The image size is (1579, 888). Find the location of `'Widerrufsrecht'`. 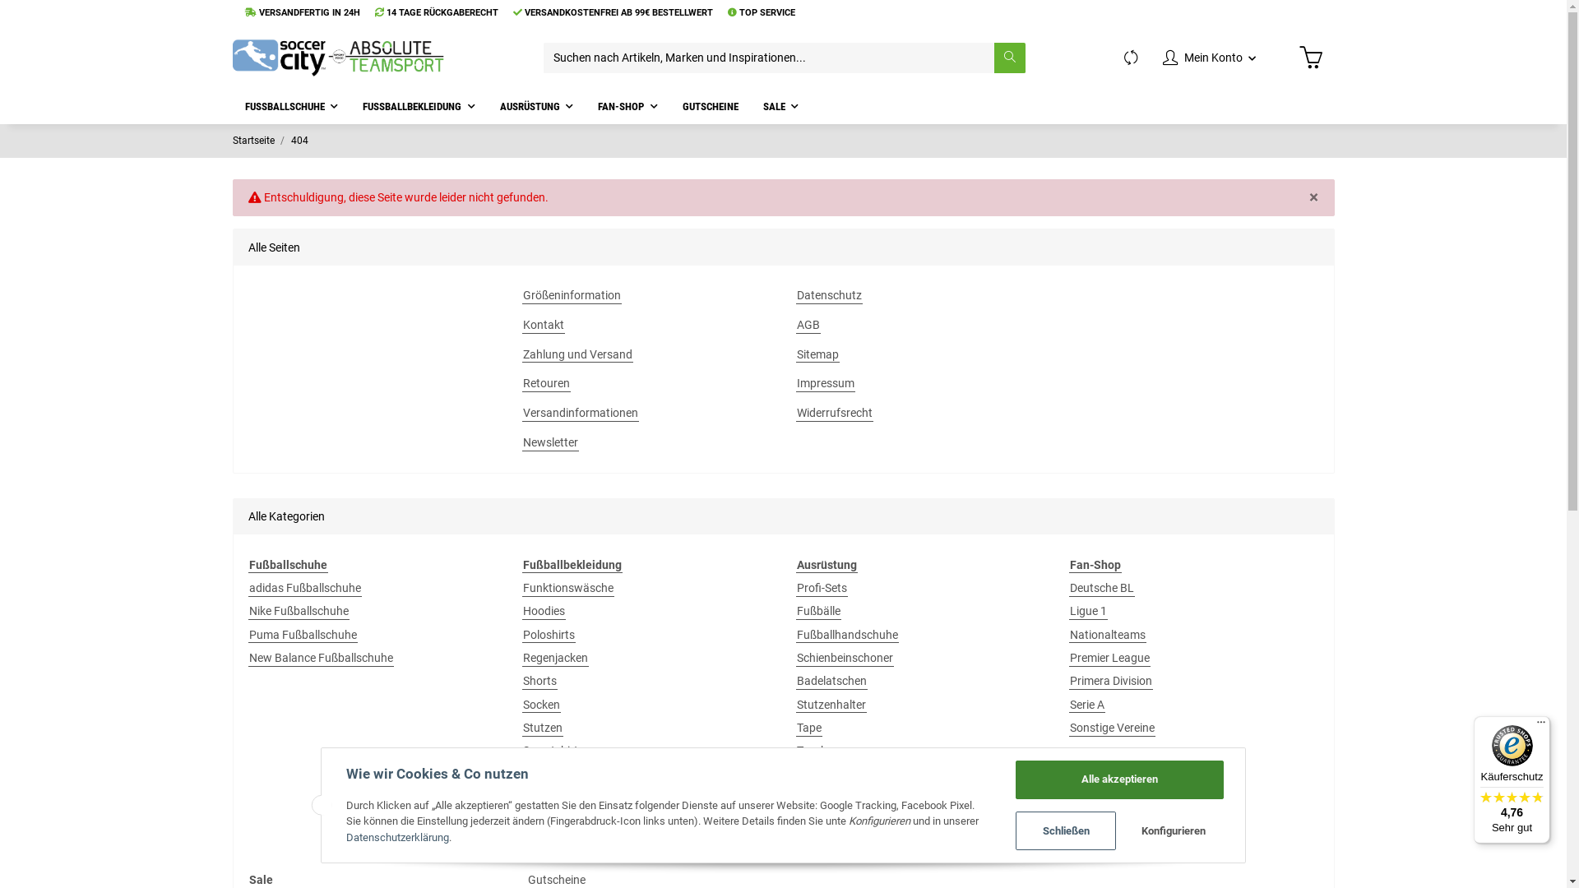

'Widerrufsrecht' is located at coordinates (834, 412).